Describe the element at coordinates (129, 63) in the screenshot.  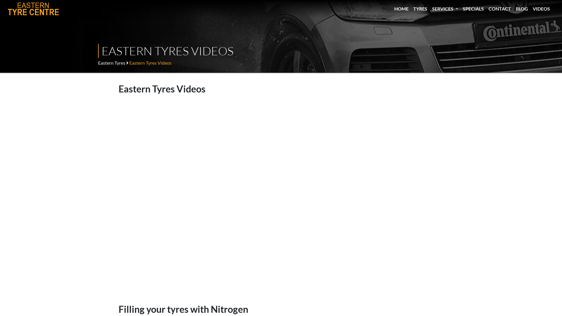
I see `'Eastern Tyres Videos'` at that location.